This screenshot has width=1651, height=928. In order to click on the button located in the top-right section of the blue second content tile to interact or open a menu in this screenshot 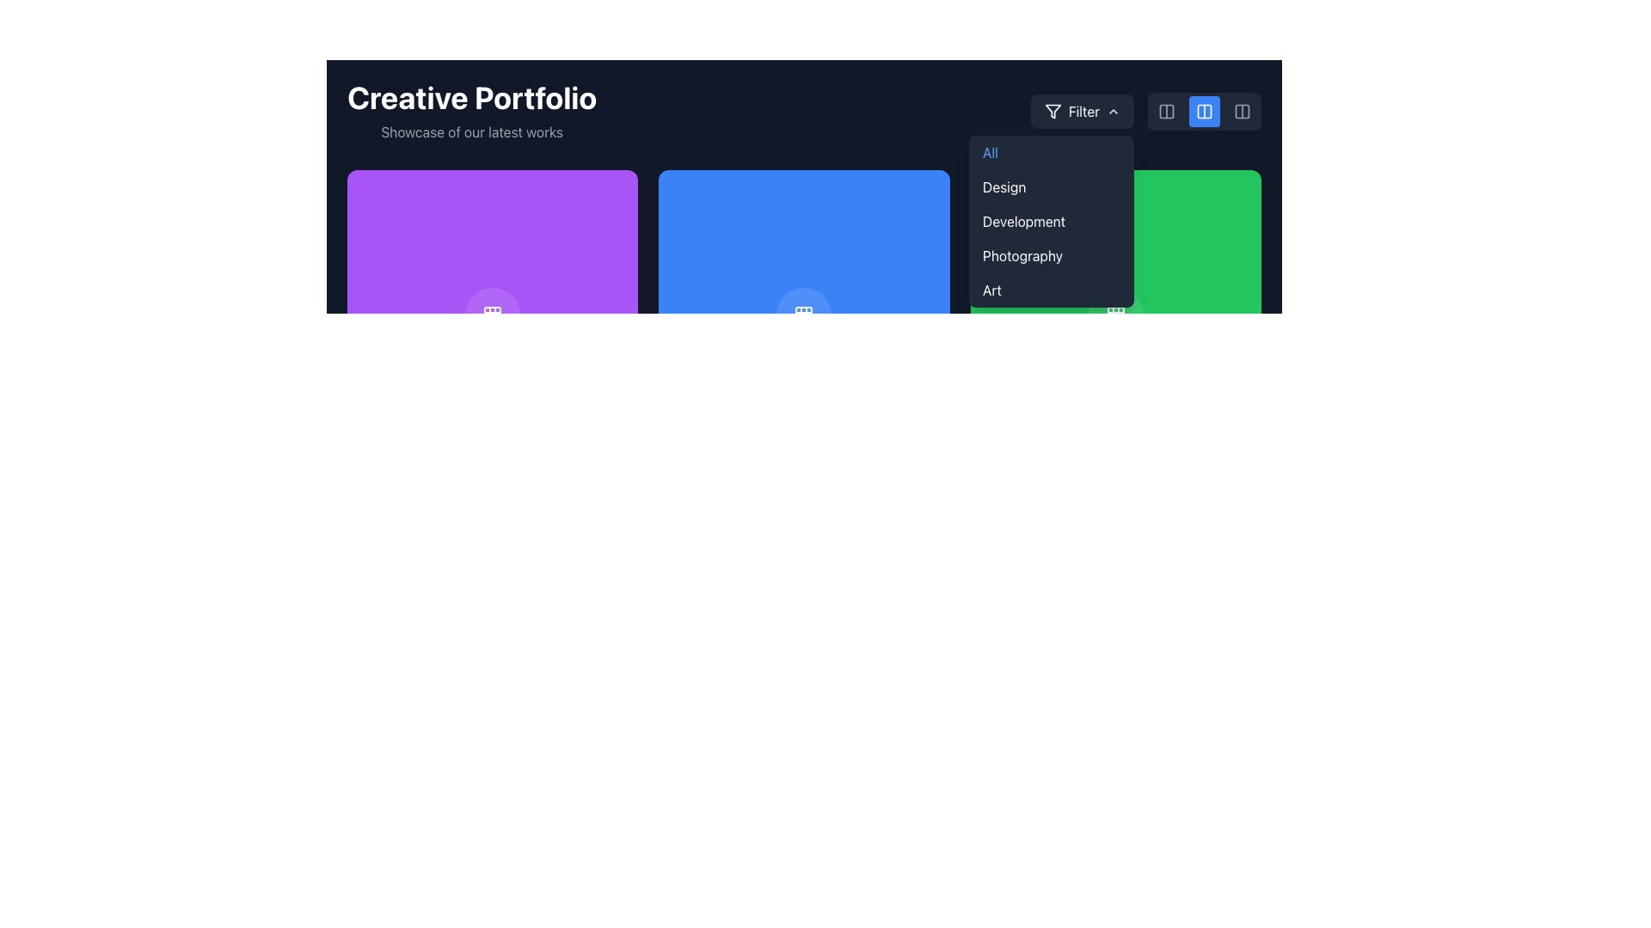, I will do `click(803, 315)`.